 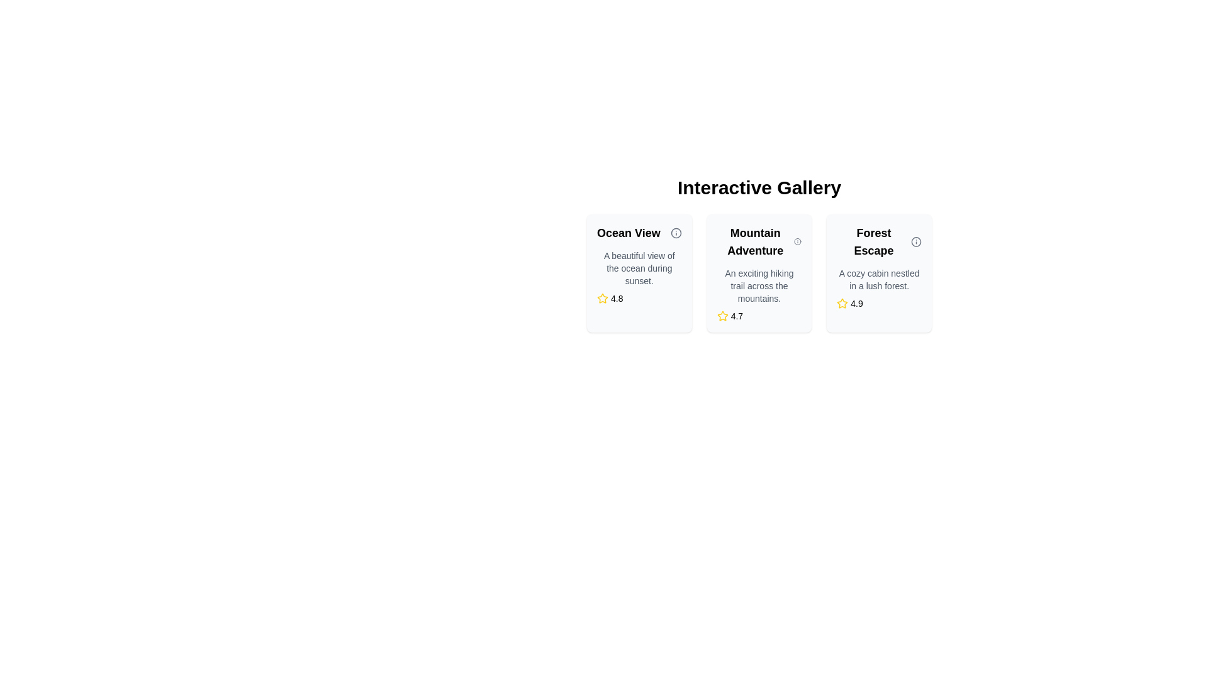 What do you see at coordinates (675, 233) in the screenshot?
I see `the circular 'info' icon with a hollow center, styled in gray, located in the 'Ocean View' card to the right of the main text 'Ocean View'` at bounding box center [675, 233].